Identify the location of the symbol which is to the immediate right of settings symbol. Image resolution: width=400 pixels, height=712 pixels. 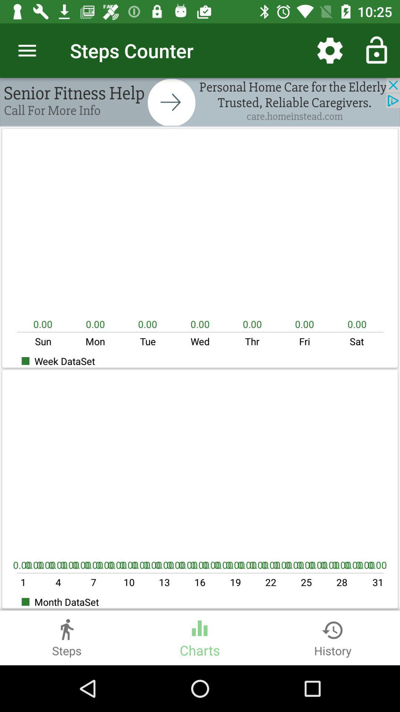
(377, 50).